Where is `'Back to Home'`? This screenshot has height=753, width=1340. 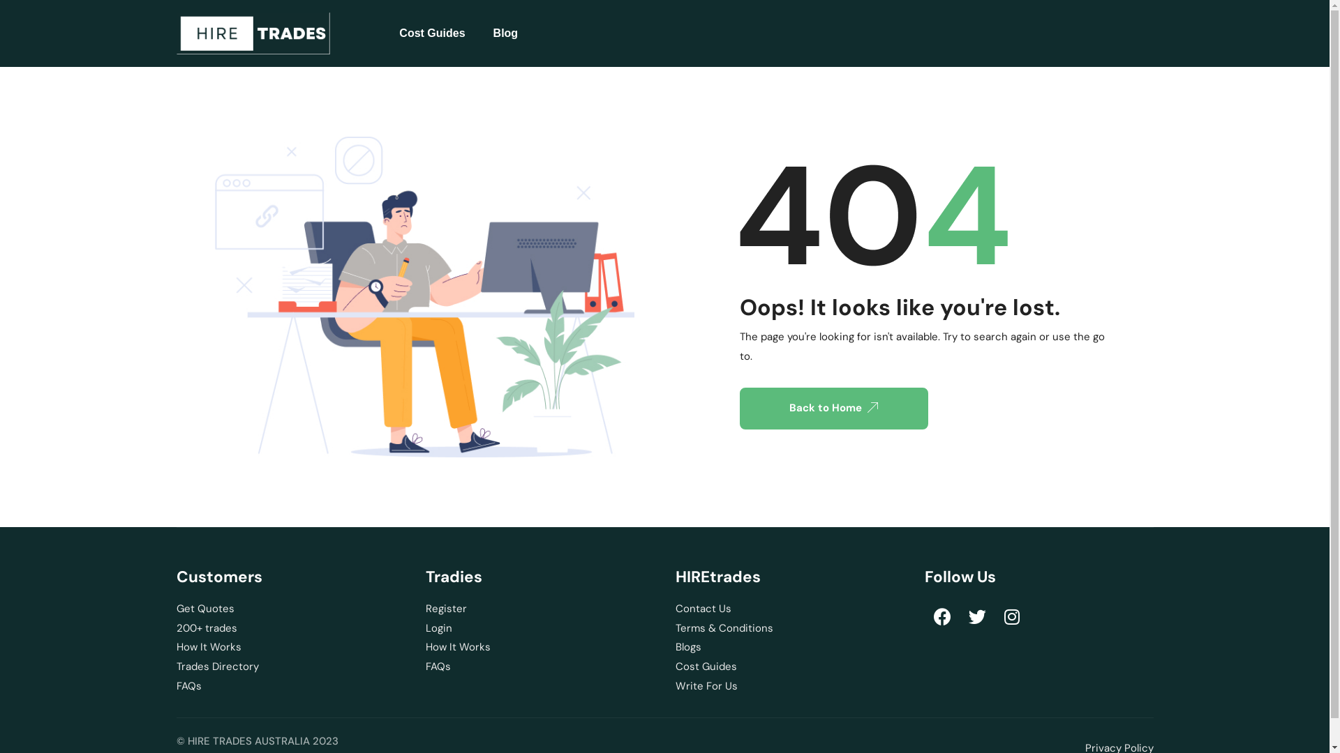
'Back to Home' is located at coordinates (834, 408).